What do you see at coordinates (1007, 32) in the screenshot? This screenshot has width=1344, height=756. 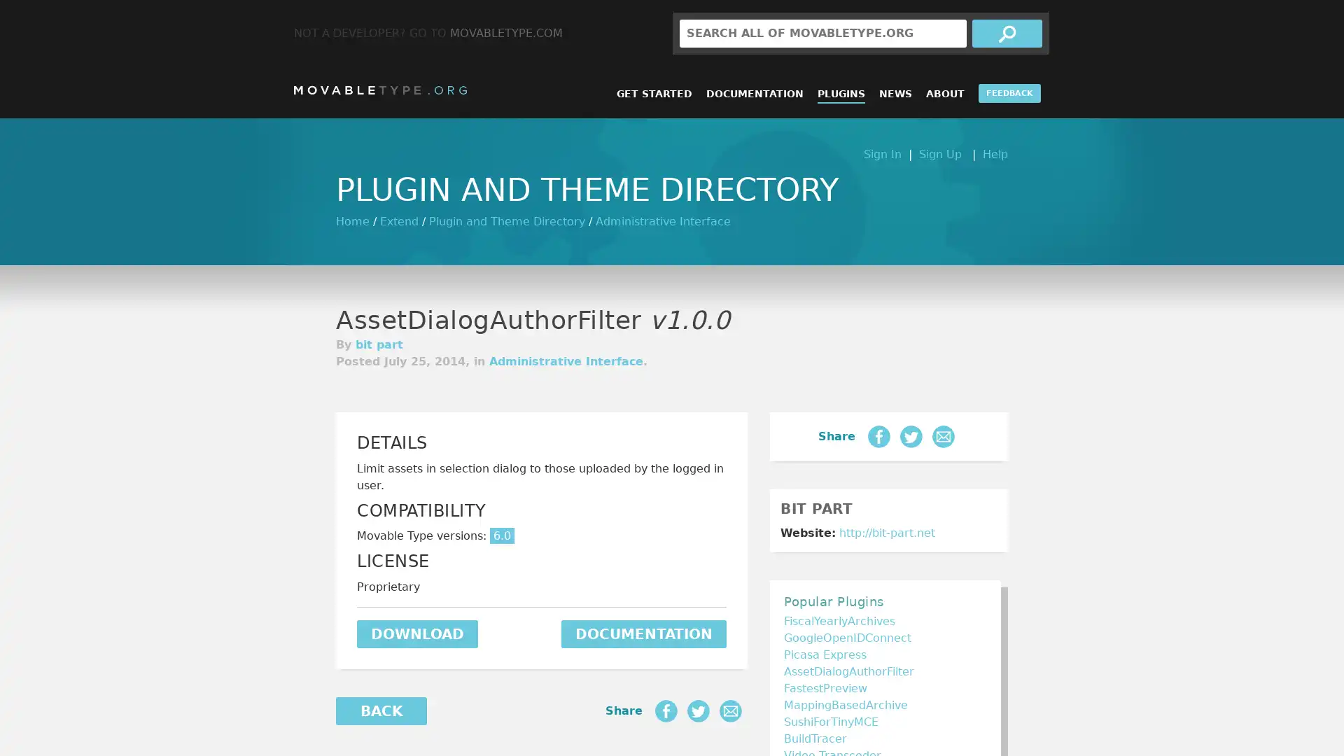 I see `search` at bounding box center [1007, 32].